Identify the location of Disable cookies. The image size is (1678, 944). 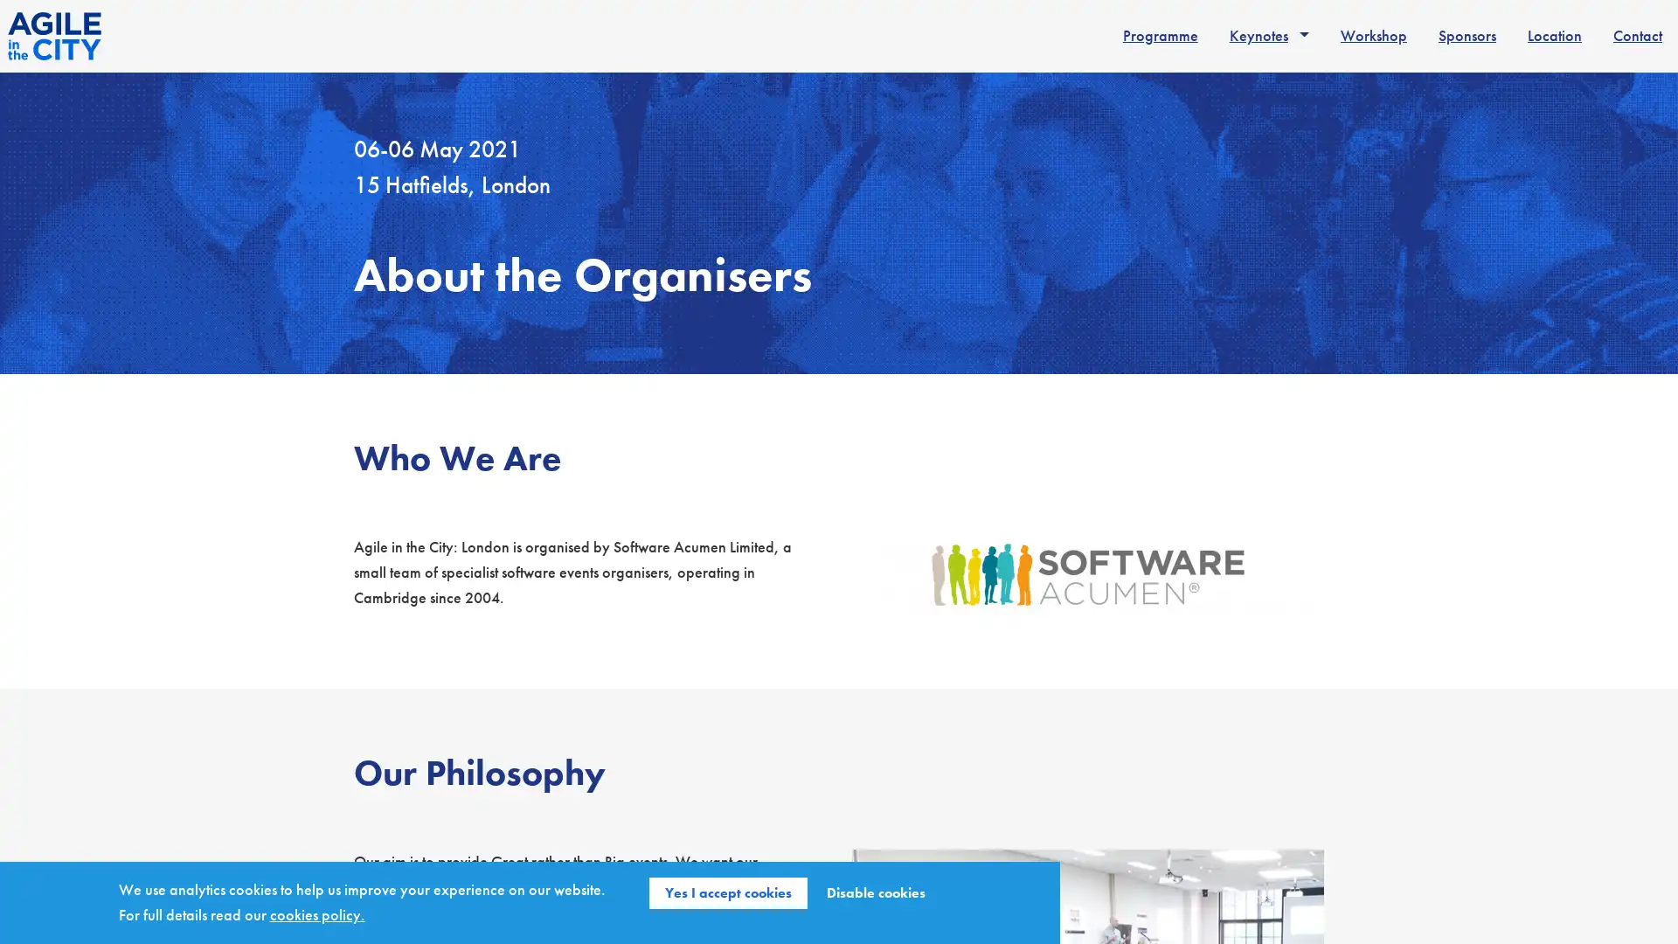
(876, 893).